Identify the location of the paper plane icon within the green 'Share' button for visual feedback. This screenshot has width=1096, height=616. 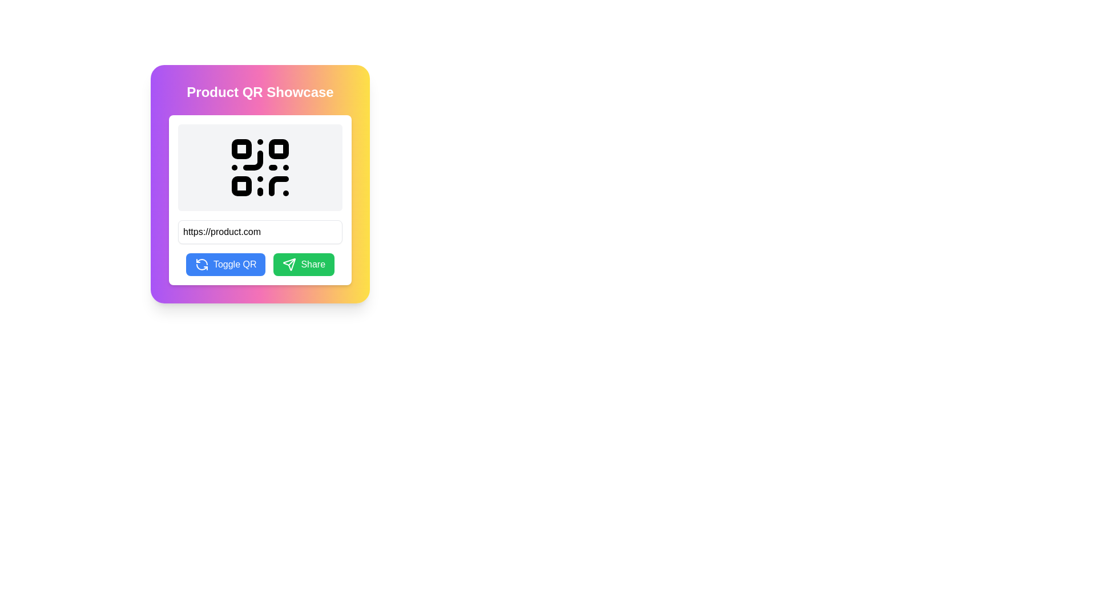
(289, 264).